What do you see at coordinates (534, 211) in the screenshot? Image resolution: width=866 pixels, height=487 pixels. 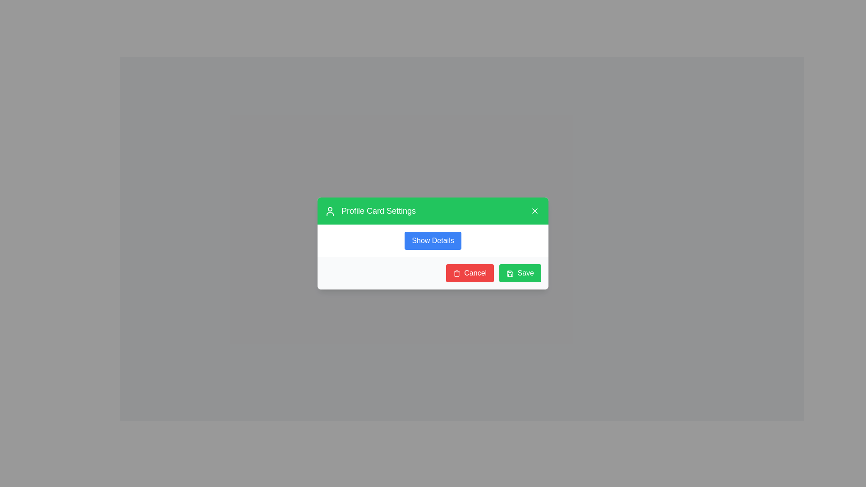 I see `the small circular button with an 'X' icon located at the top-right corner of the green header bar` at bounding box center [534, 211].